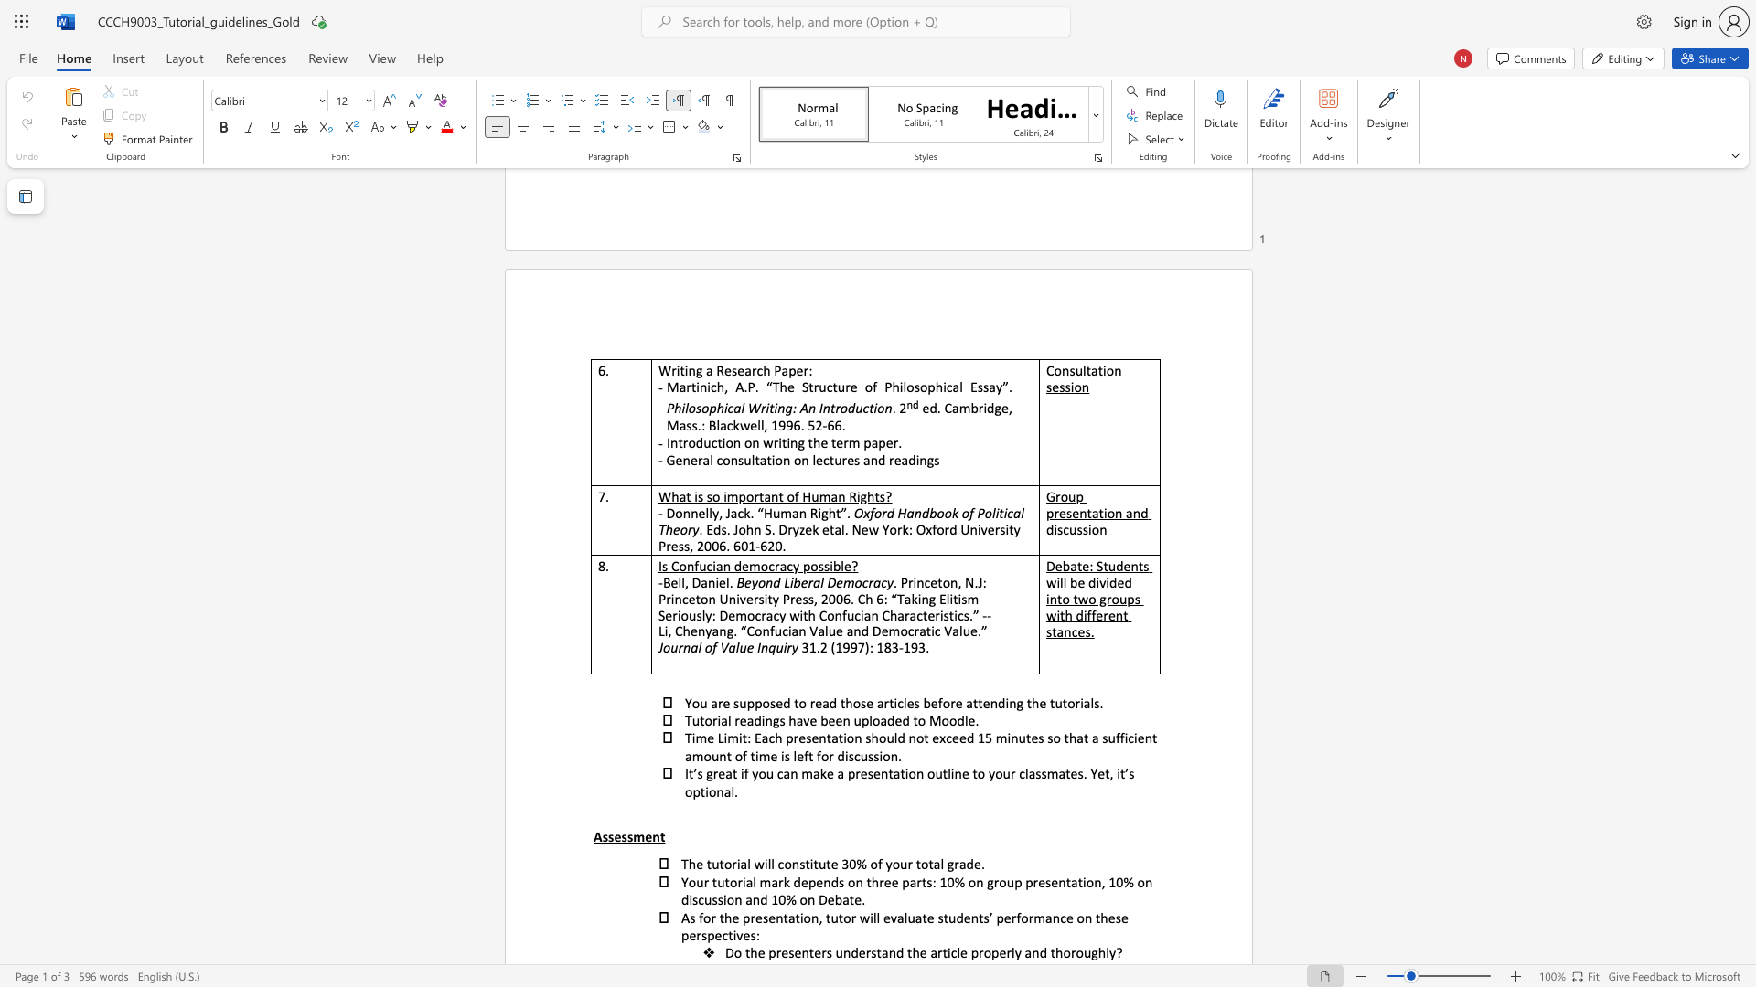 This screenshot has width=1756, height=987. I want to click on the subset text "en" within the text "Assessment", so click(645, 836).